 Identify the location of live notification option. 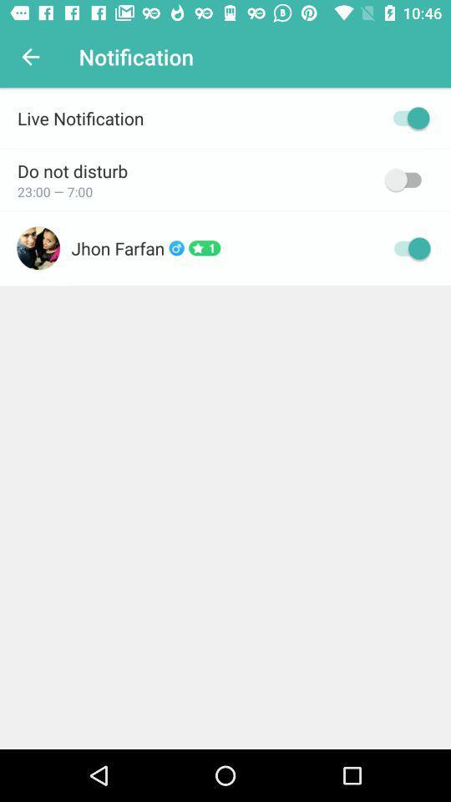
(406, 117).